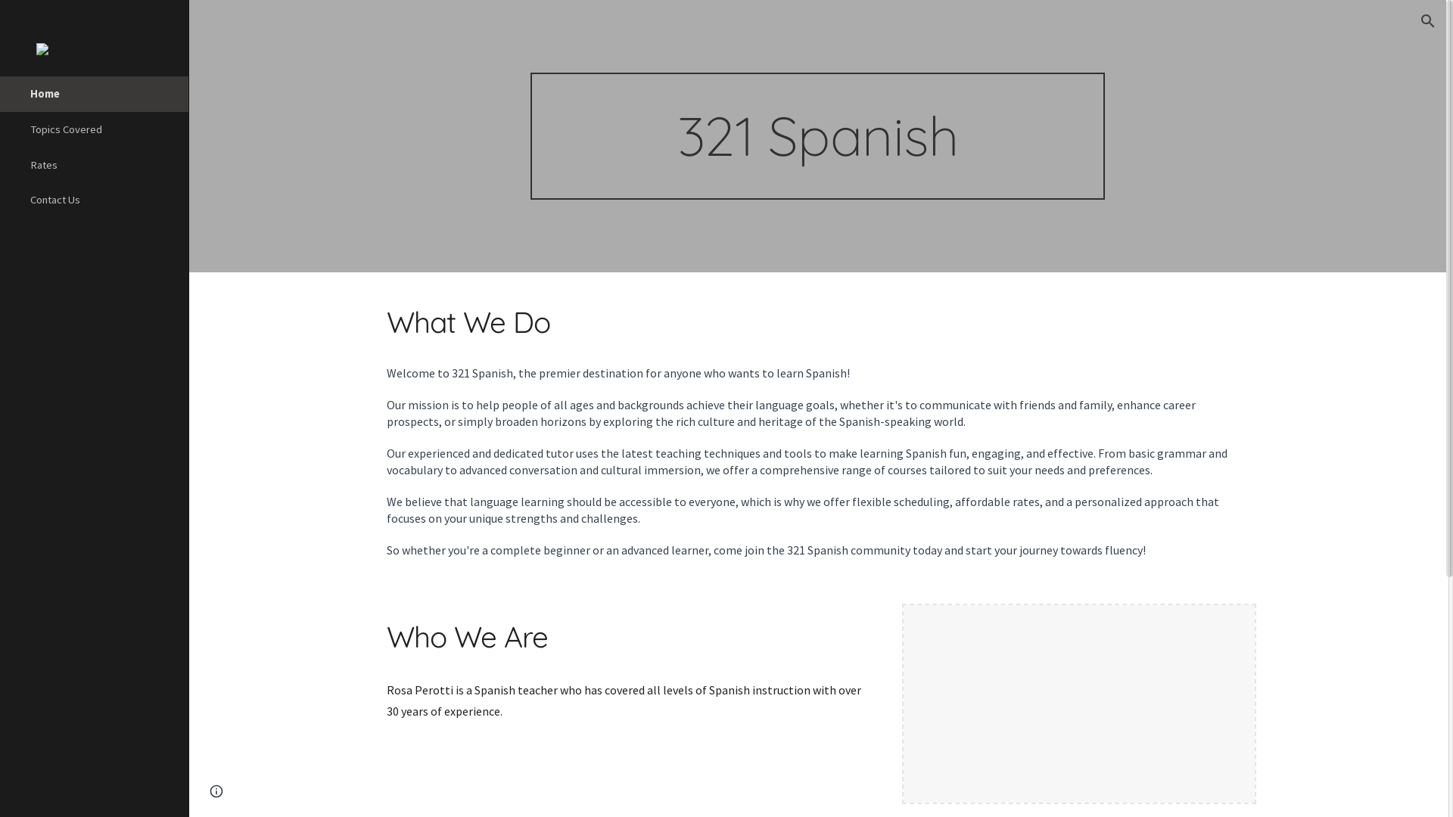 The width and height of the screenshot is (1453, 817). I want to click on 'Rates', so click(102, 165).